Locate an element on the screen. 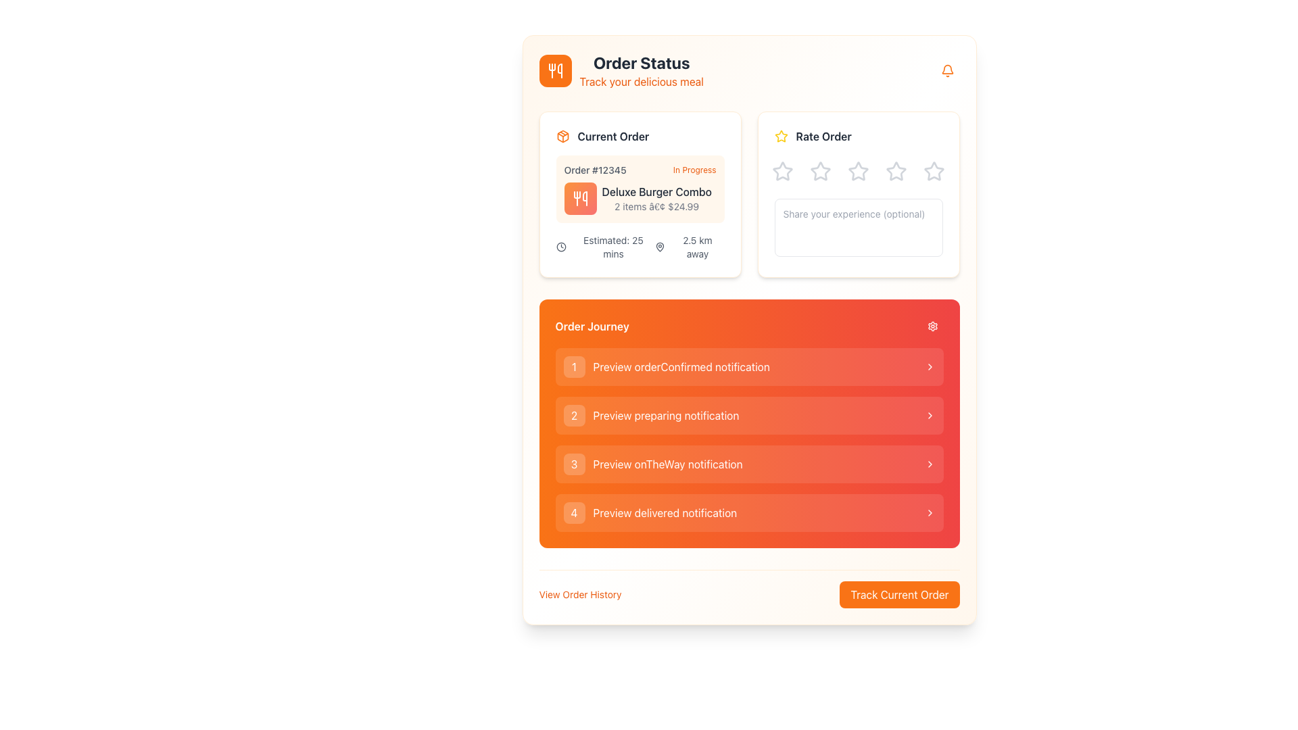 Image resolution: width=1298 pixels, height=730 pixels. the navigational chevron icon located at the extreme right of the third row in the 'Order Journey' section is located at coordinates (929, 463).